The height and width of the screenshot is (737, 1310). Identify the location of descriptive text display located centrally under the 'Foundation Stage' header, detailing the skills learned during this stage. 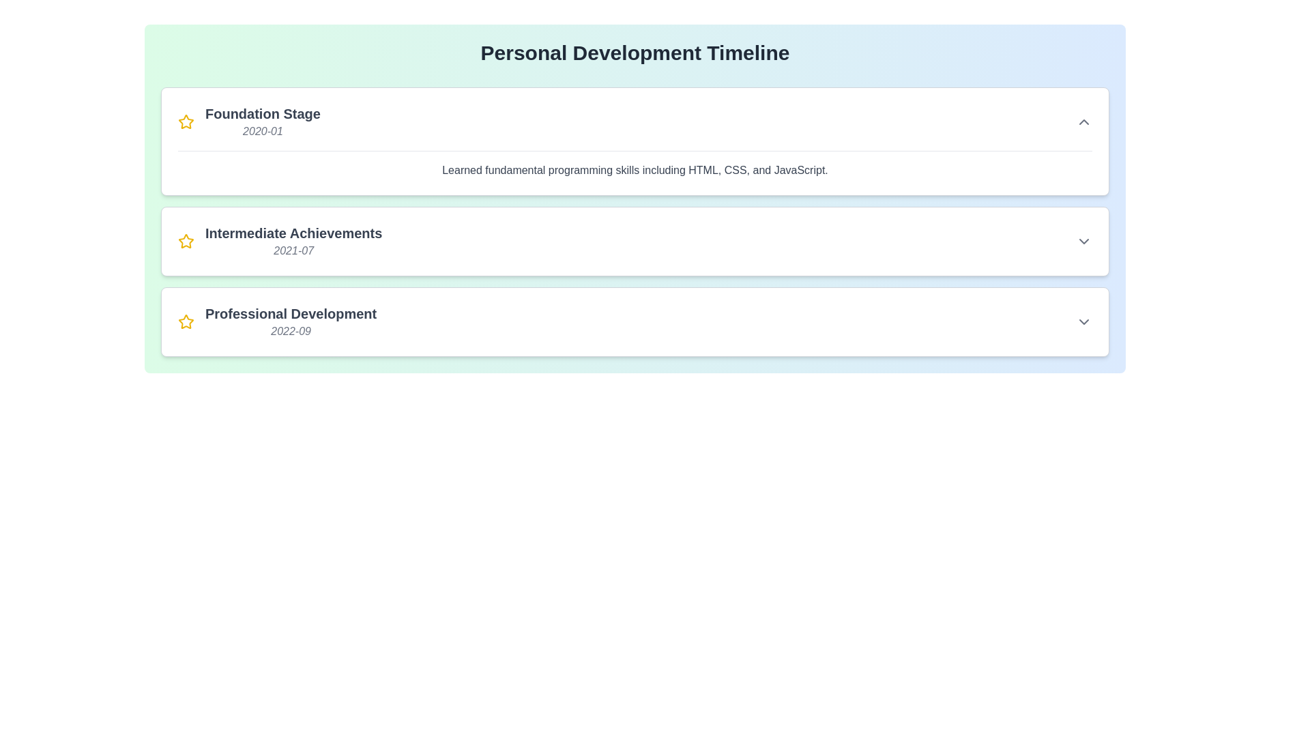
(635, 170).